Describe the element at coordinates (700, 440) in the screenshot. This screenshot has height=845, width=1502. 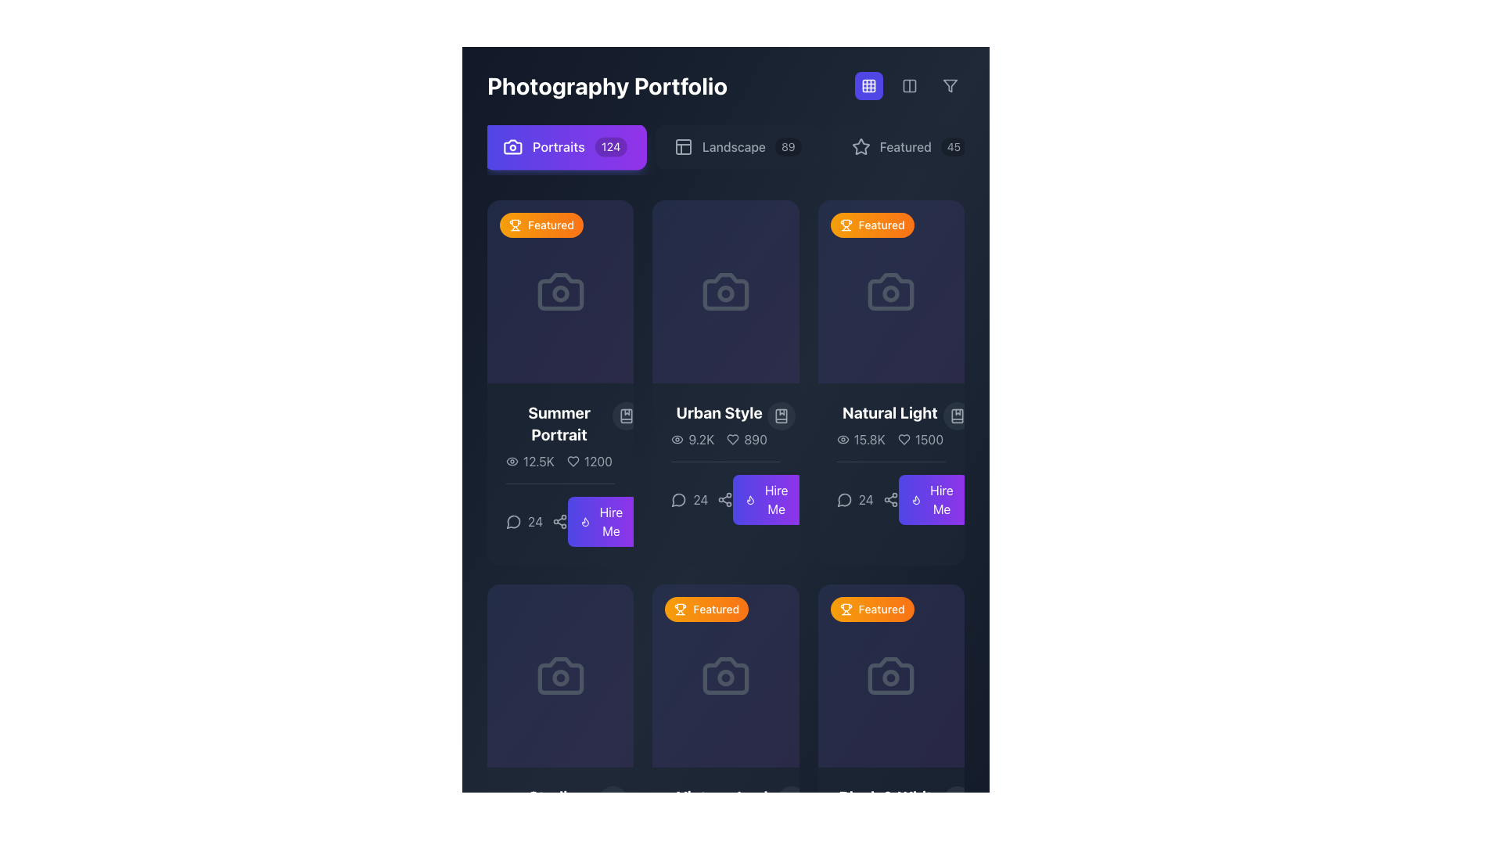
I see `the text label displaying '9.2K' located in the second card labeled 'Urban Style' to the right of the eye icon` at that location.